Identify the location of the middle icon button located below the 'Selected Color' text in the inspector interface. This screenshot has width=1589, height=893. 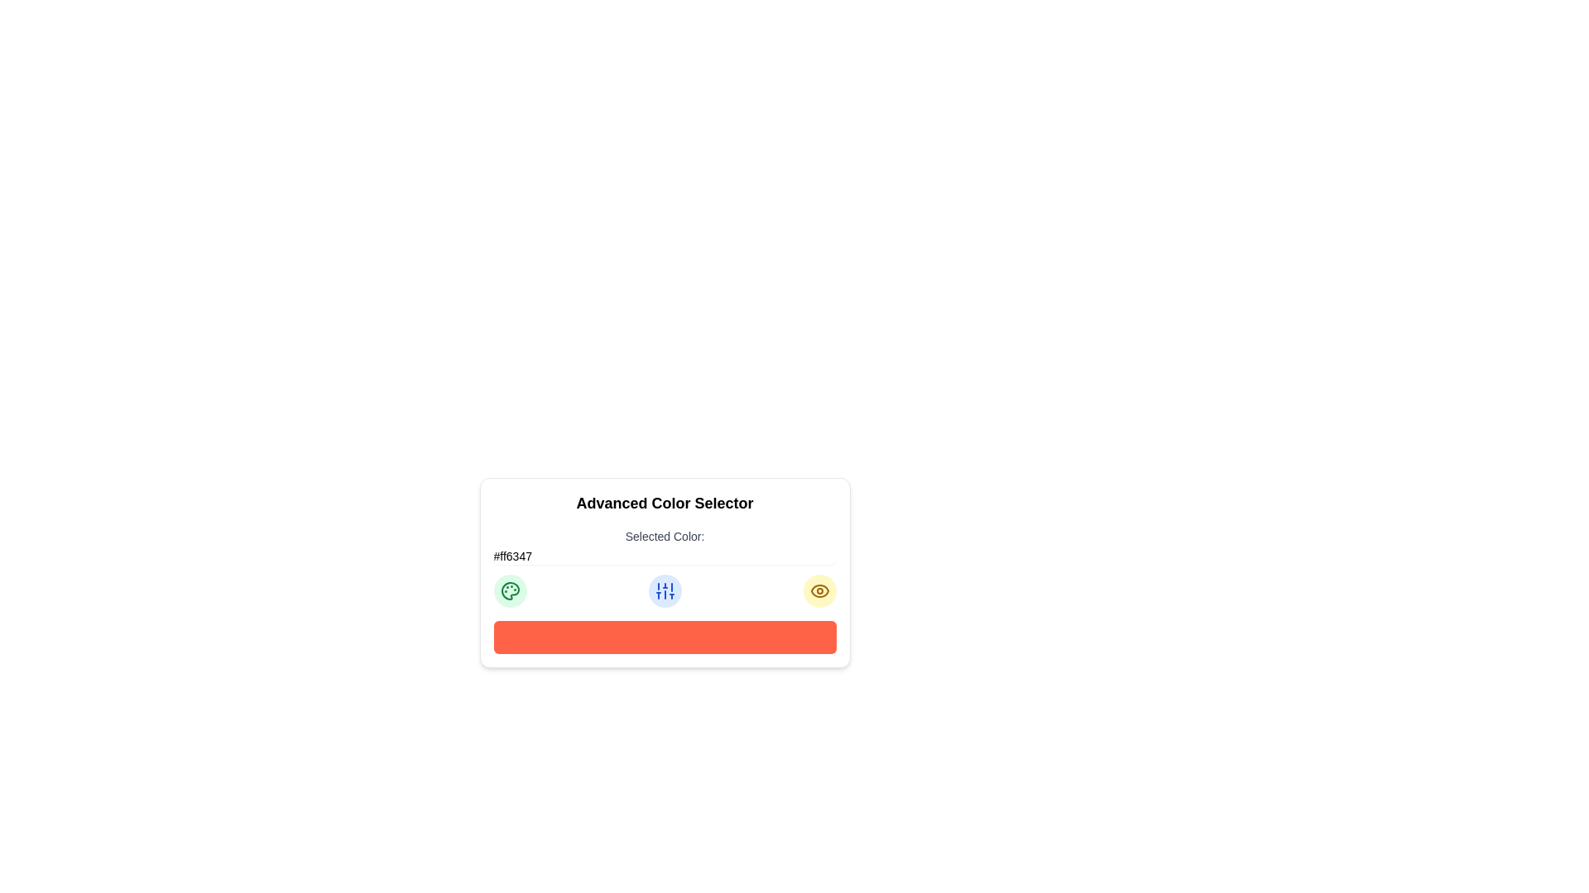
(665, 590).